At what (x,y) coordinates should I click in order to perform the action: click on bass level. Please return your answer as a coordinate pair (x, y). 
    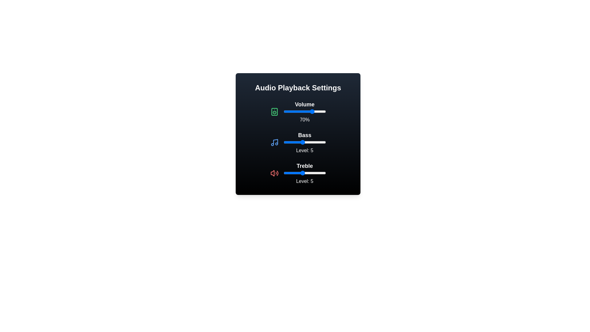
    Looking at the image, I should click on (297, 142).